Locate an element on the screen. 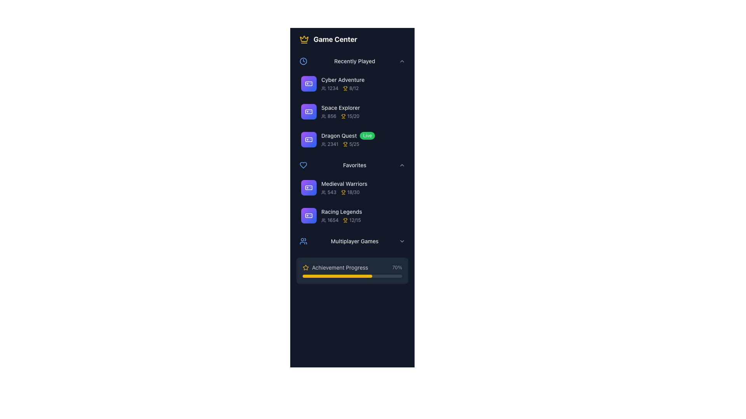 The height and width of the screenshot is (419, 746). the static text label displaying 'Cyber Adventure', which is the first title entry in the 'Recently Played' section of the 'Game Center' is located at coordinates (362, 80).